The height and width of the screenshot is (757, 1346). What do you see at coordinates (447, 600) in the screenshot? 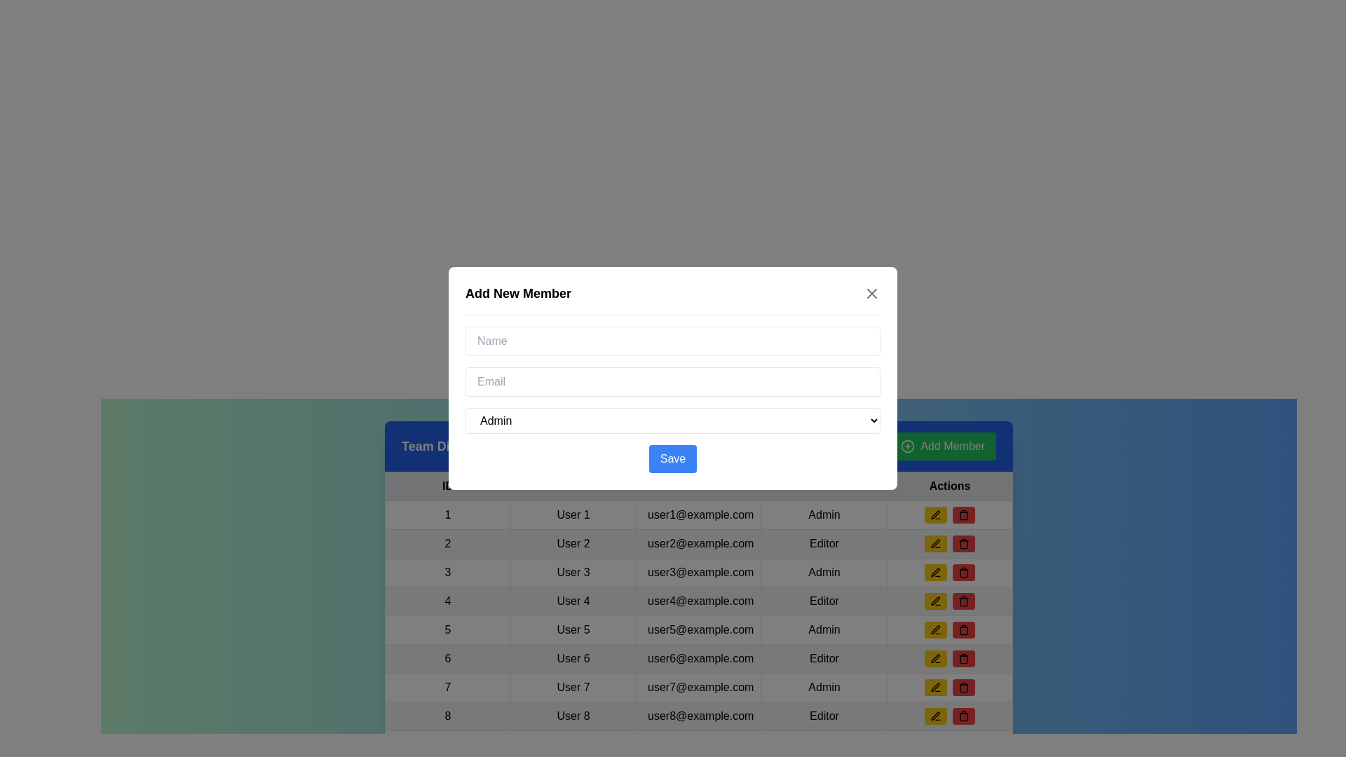
I see `the table cell displaying the number '4', which is the first cell in the fourth row of the table and located directly under the header labeled 'ID'` at bounding box center [447, 600].